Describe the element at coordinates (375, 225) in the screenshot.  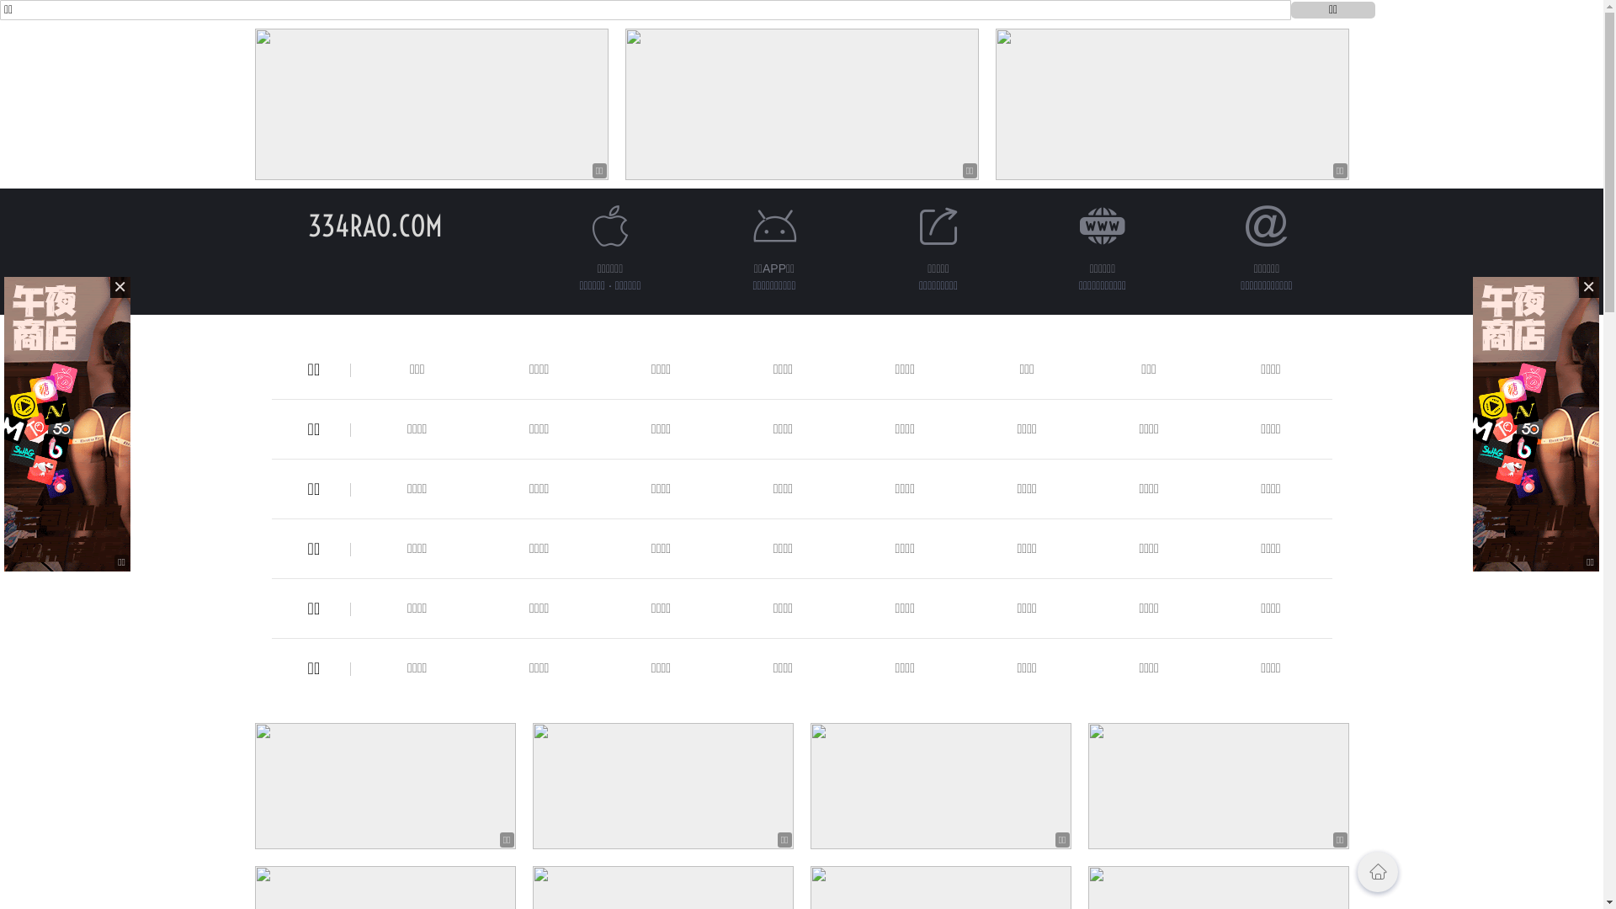
I see `'334RAO.COM'` at that location.